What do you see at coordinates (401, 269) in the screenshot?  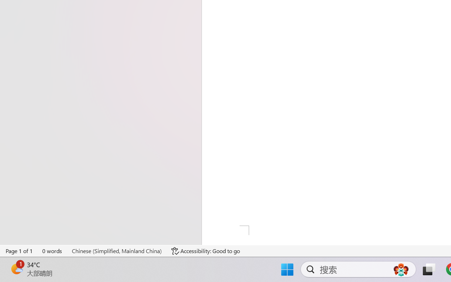 I see `'AutomationID: DynamicSearchBoxGleamImage'` at bounding box center [401, 269].